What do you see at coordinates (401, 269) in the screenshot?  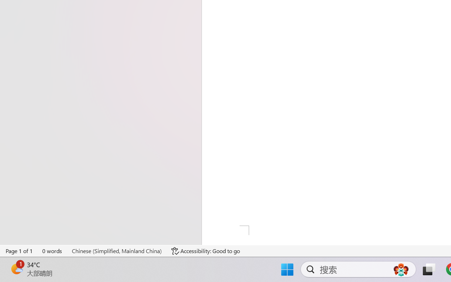 I see `'AutomationID: DynamicSearchBoxGleamImage'` at bounding box center [401, 269].